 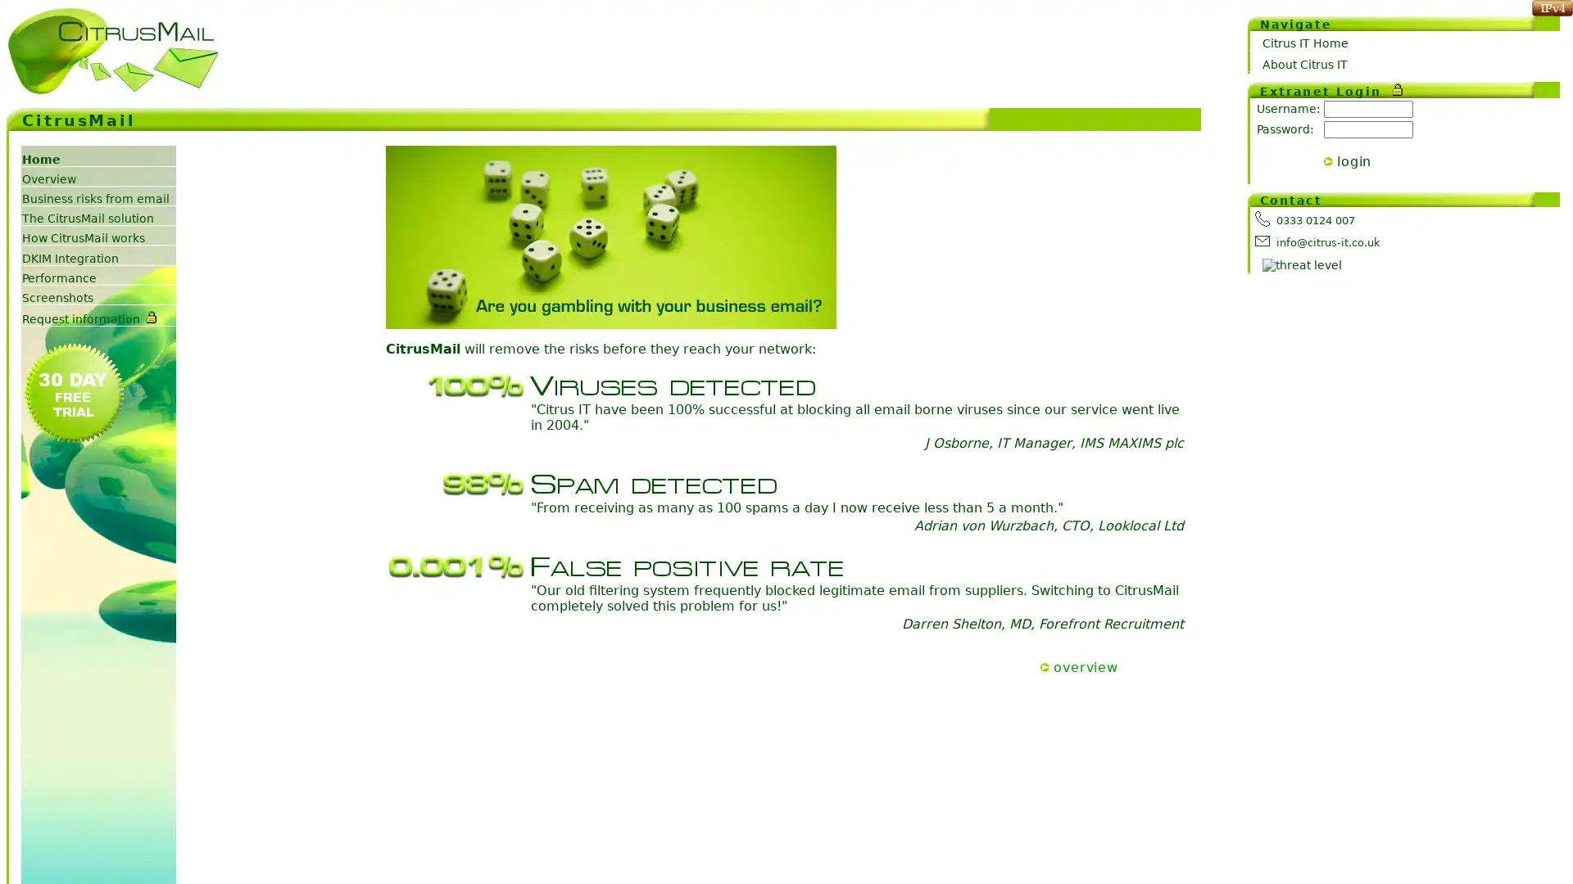 What do you see at coordinates (1328, 160) in the screenshot?
I see `>` at bounding box center [1328, 160].